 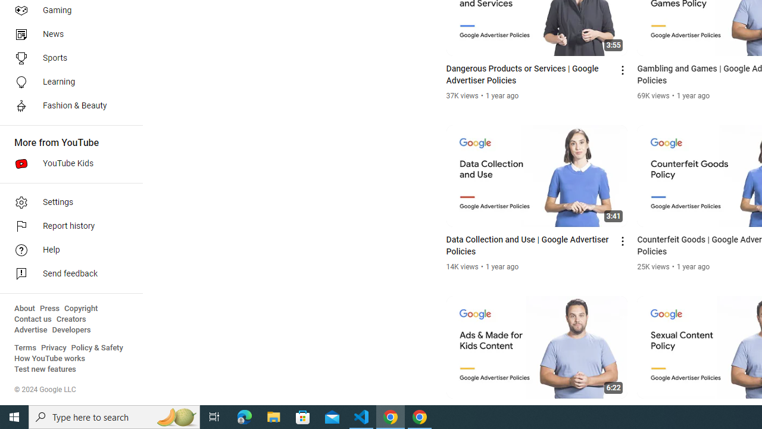 What do you see at coordinates (30, 330) in the screenshot?
I see `'Advertise'` at bounding box center [30, 330].